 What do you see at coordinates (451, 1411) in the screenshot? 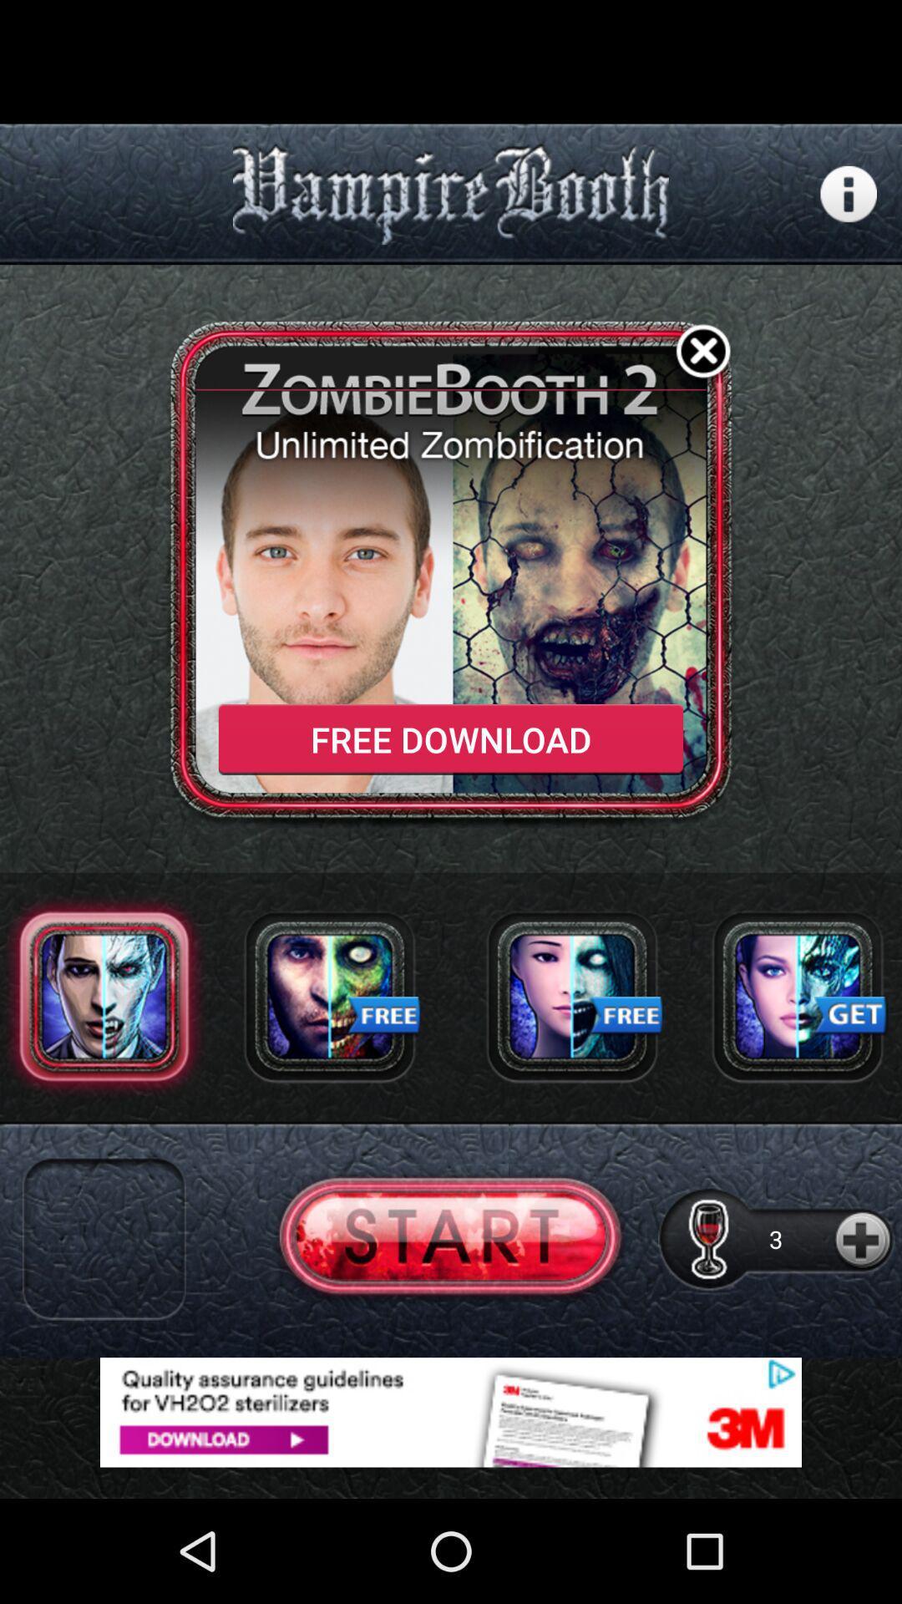
I see `advertisement bar` at bounding box center [451, 1411].